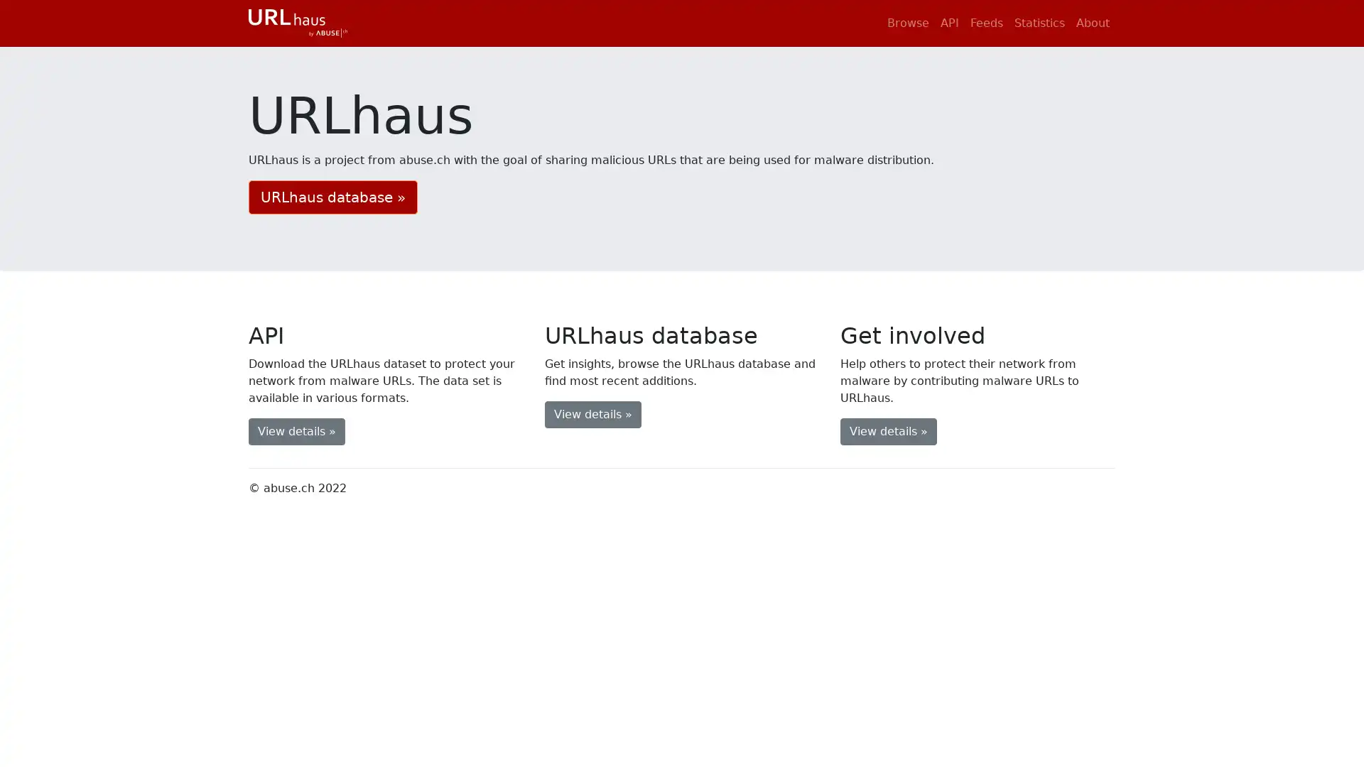  Describe the element at coordinates (332, 197) in the screenshot. I see `URLhaus database` at that location.